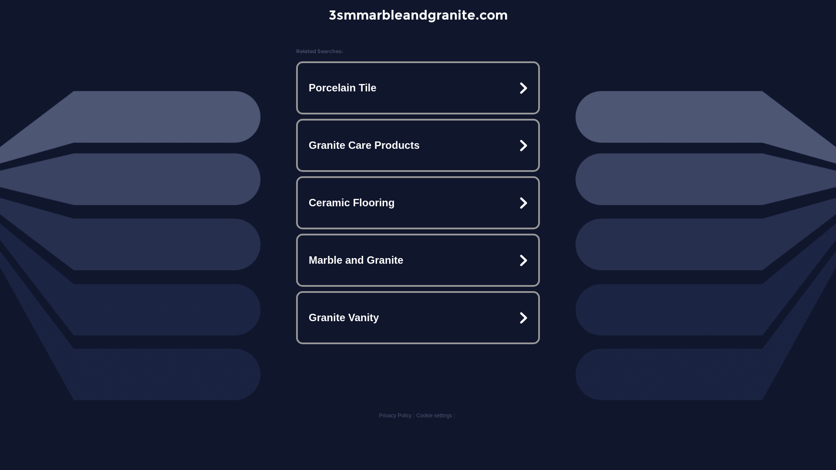 The width and height of the screenshot is (836, 470). I want to click on 'Marble and Granite', so click(418, 259).